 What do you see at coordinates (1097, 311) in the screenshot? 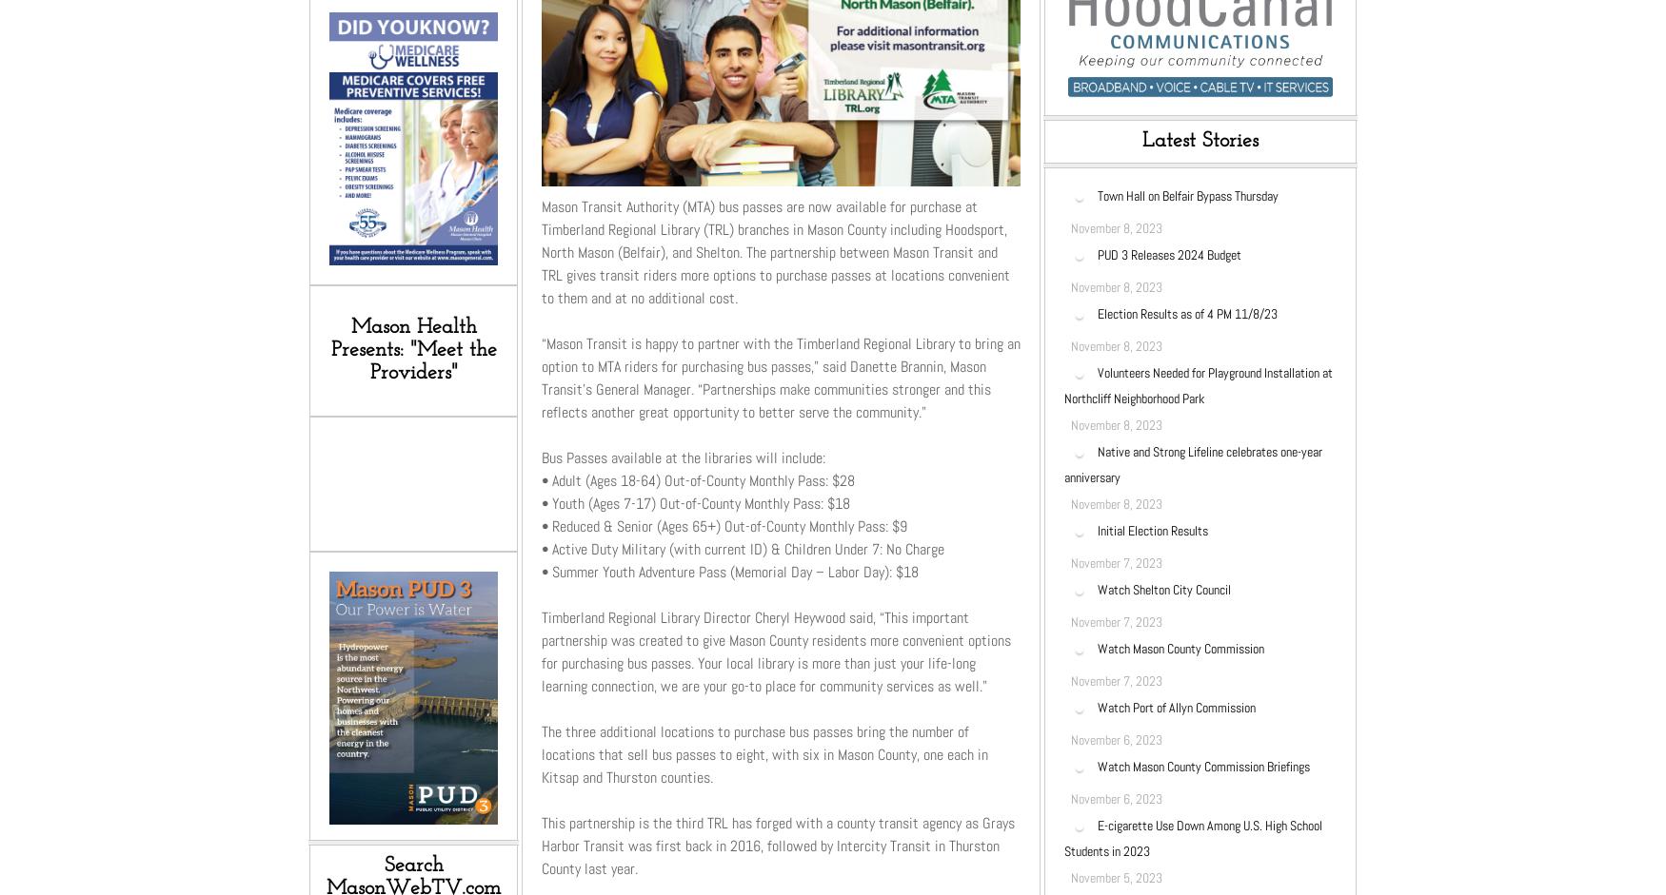
I see `'Election Results as of 4 PM 11/8/23'` at bounding box center [1097, 311].